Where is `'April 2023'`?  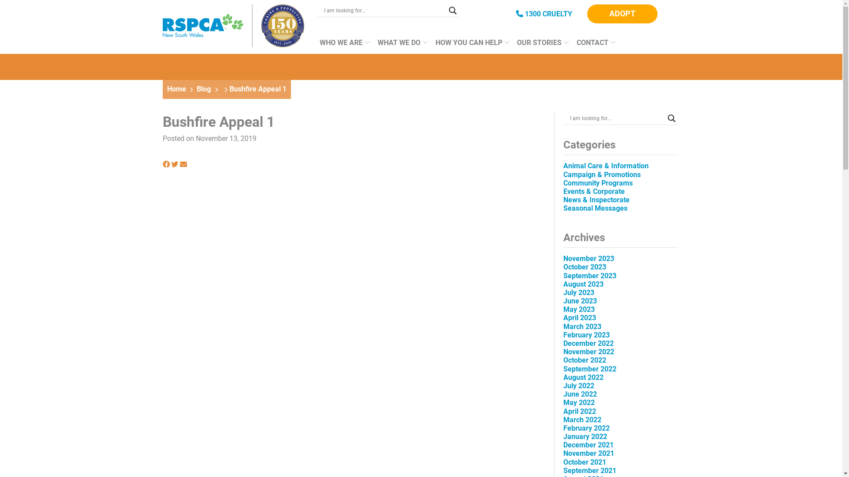 'April 2023' is located at coordinates (562, 317).